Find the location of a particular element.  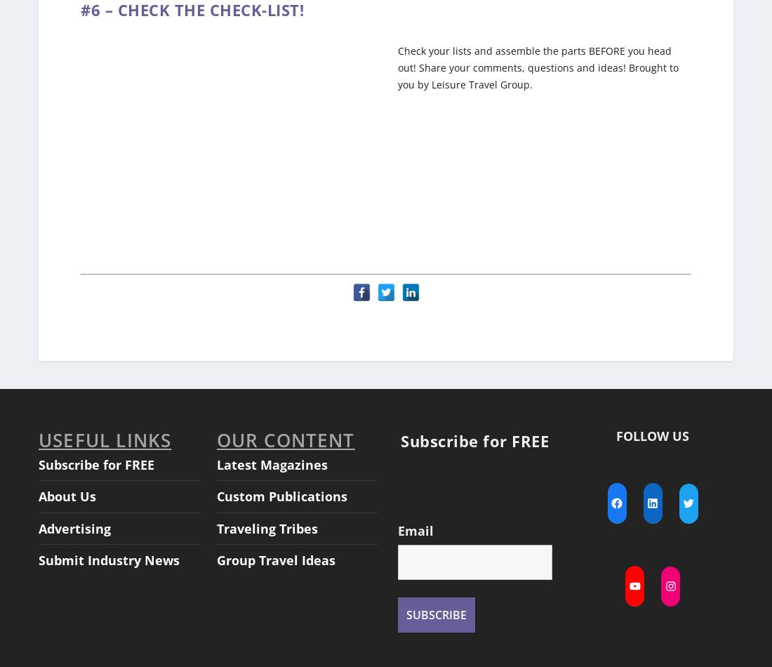

'USEFUL LINKS' is located at coordinates (104, 427).